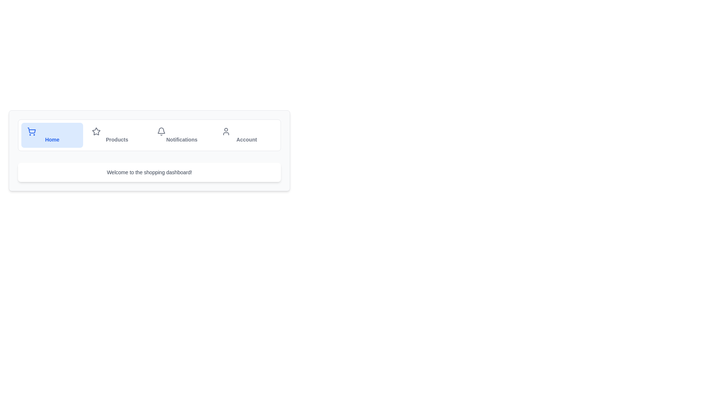  Describe the element at coordinates (96, 131) in the screenshot. I see `the second icon in the navigation bar, which represents a star icon used for rating or favoriting` at that location.